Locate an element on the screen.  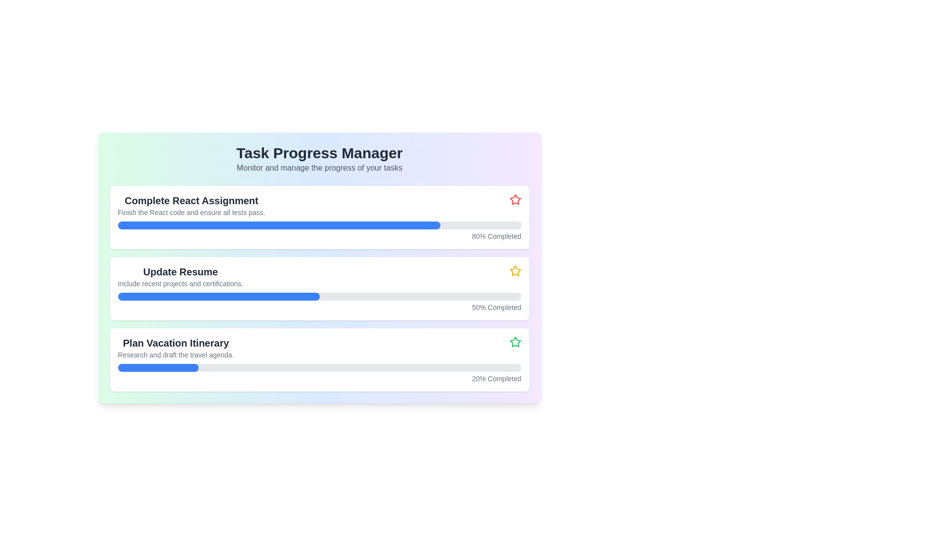
task progress is located at coordinates (230, 368).